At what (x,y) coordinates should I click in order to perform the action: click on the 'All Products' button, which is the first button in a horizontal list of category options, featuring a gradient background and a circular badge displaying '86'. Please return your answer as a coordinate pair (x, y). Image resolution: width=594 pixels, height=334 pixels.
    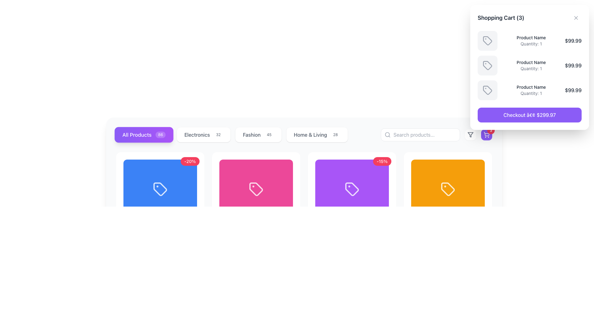
    Looking at the image, I should click on (144, 134).